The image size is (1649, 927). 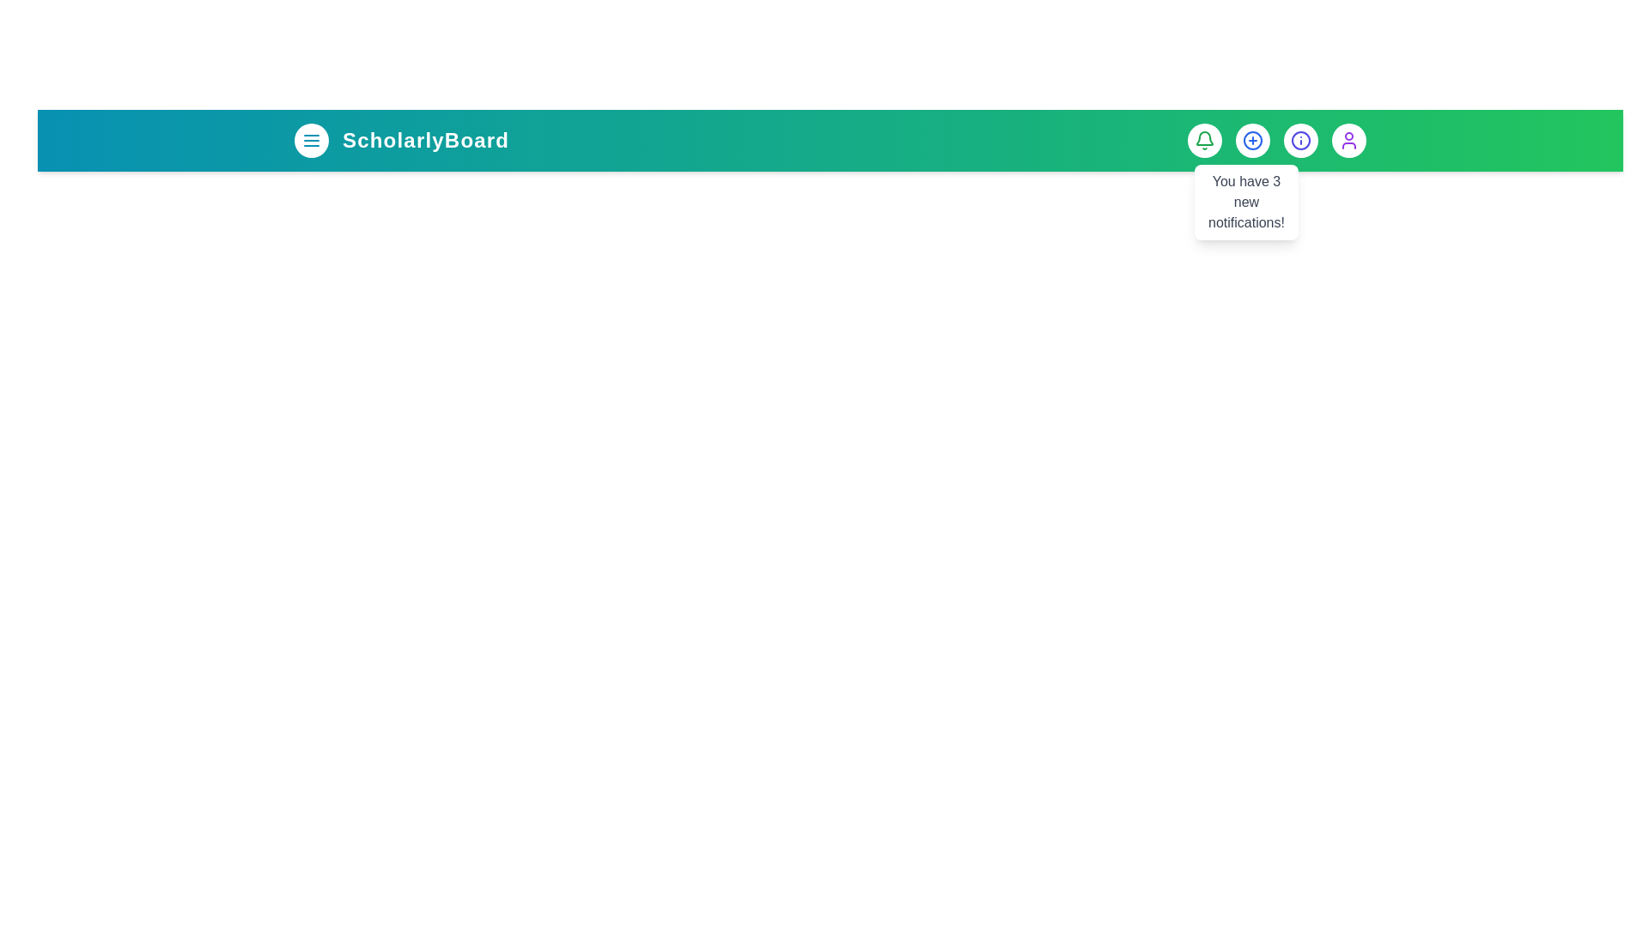 I want to click on the info button, so click(x=1301, y=140).